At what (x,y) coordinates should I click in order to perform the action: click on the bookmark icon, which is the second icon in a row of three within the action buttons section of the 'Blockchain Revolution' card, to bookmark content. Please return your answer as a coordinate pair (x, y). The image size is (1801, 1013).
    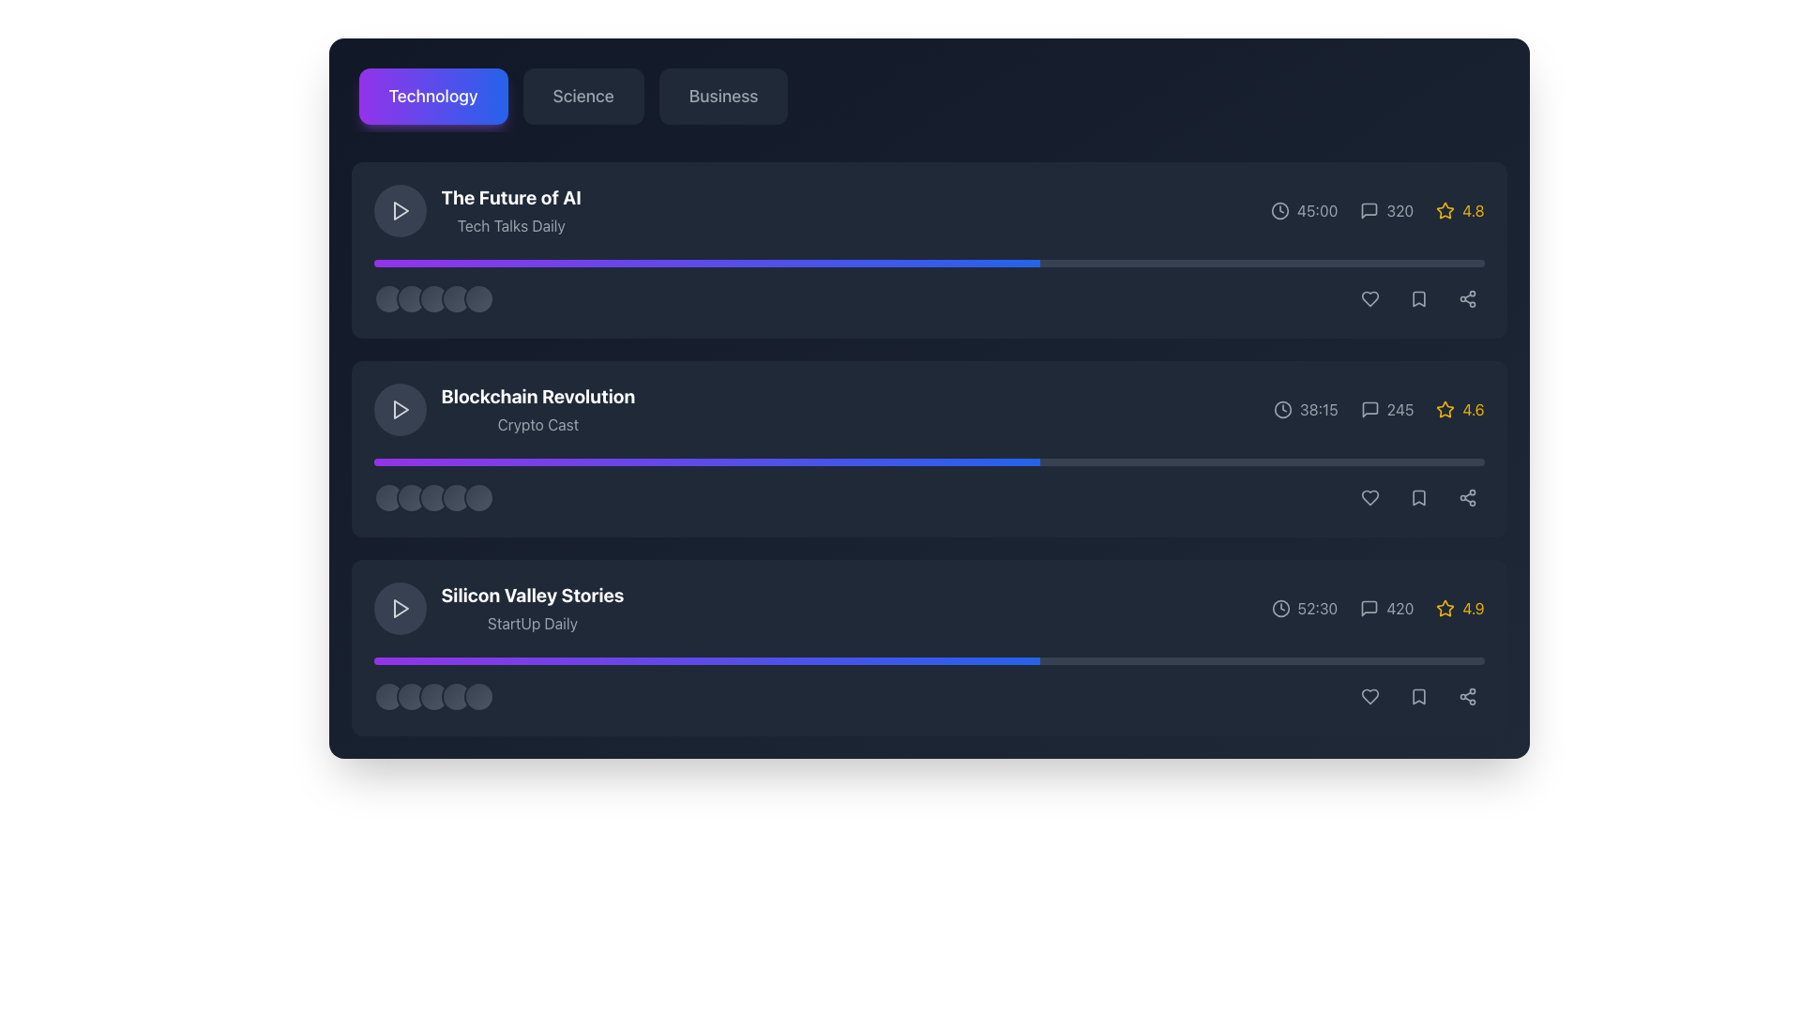
    Looking at the image, I should click on (1418, 497).